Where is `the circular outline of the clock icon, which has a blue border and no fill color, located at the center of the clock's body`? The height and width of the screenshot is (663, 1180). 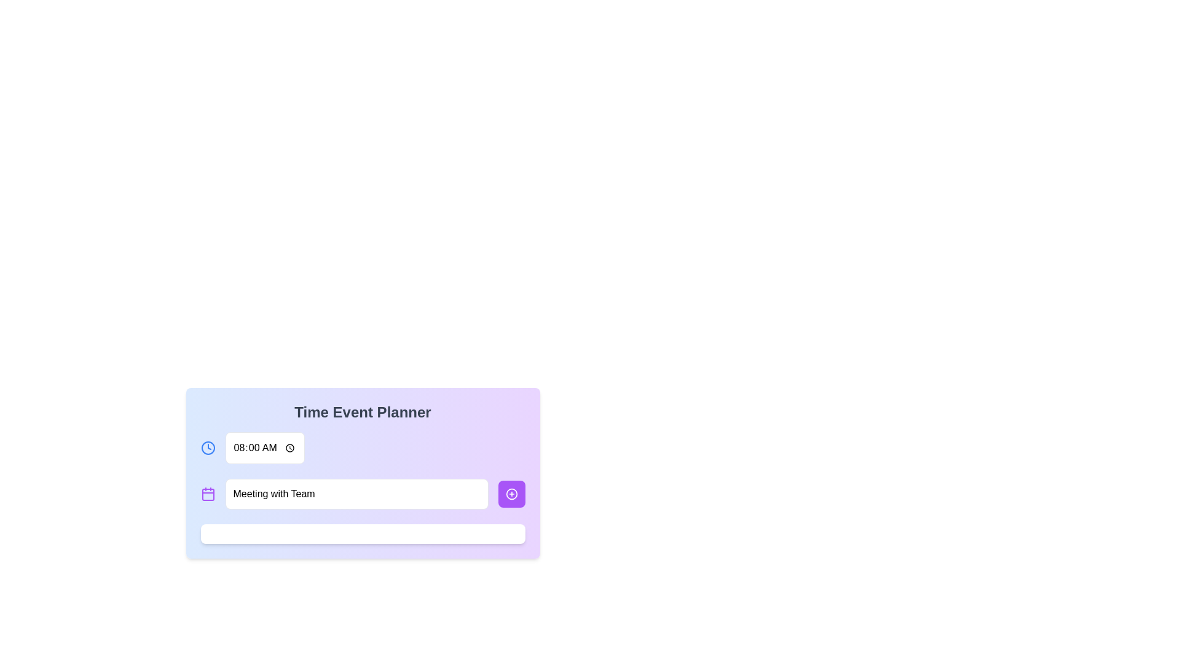 the circular outline of the clock icon, which has a blue border and no fill color, located at the center of the clock's body is located at coordinates (208, 448).